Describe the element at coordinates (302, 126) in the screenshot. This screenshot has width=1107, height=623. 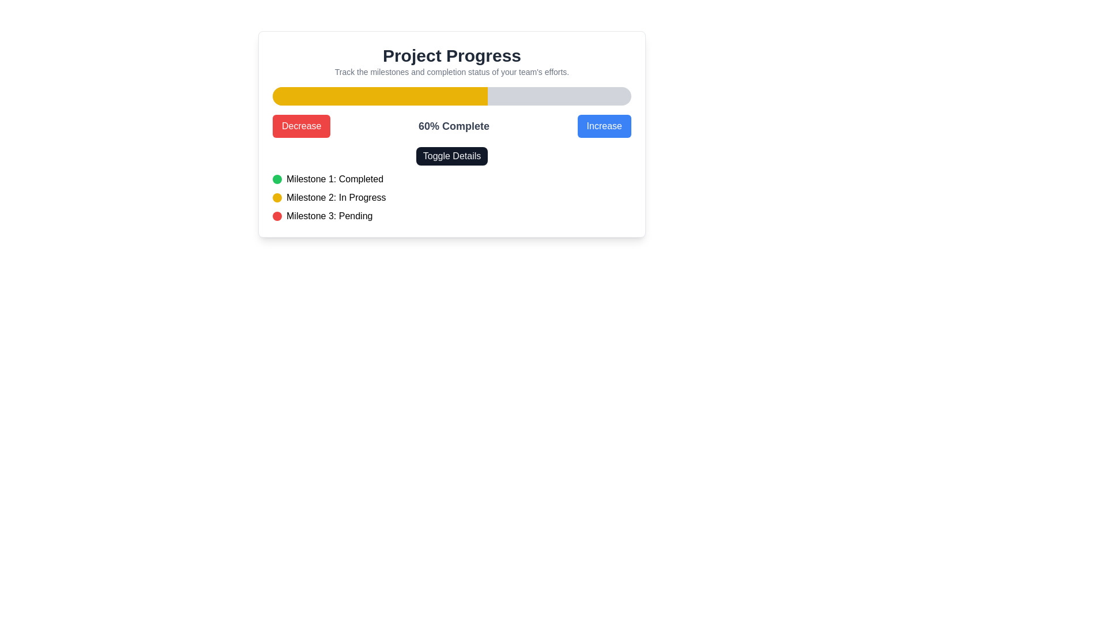
I see `the button labeled '60% Complete' that decreases a value, positioned to the far left of a group of three elements` at that location.